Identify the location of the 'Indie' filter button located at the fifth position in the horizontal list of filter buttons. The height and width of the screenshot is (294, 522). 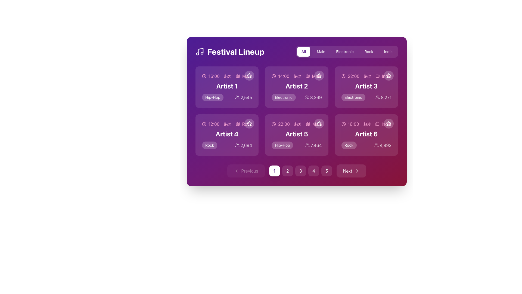
(388, 51).